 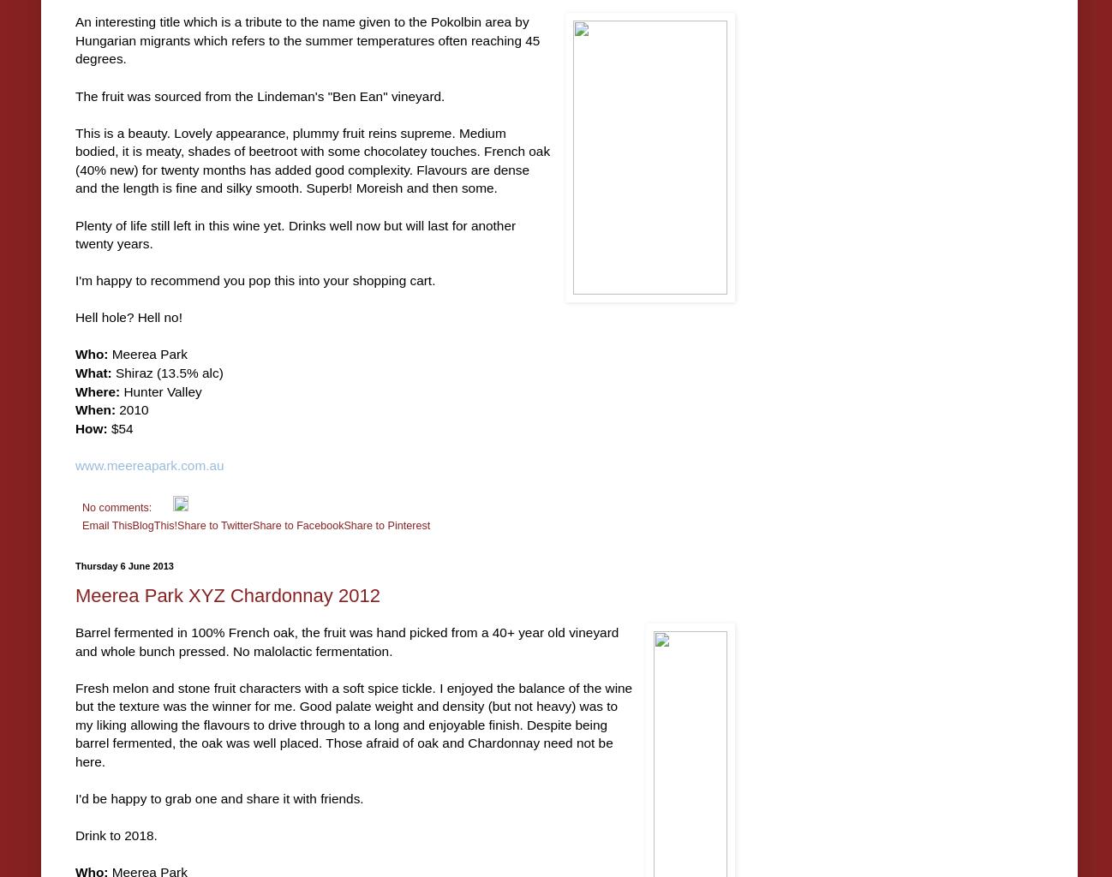 I want to click on 'www.meereapark.com.au', so click(x=75, y=464).